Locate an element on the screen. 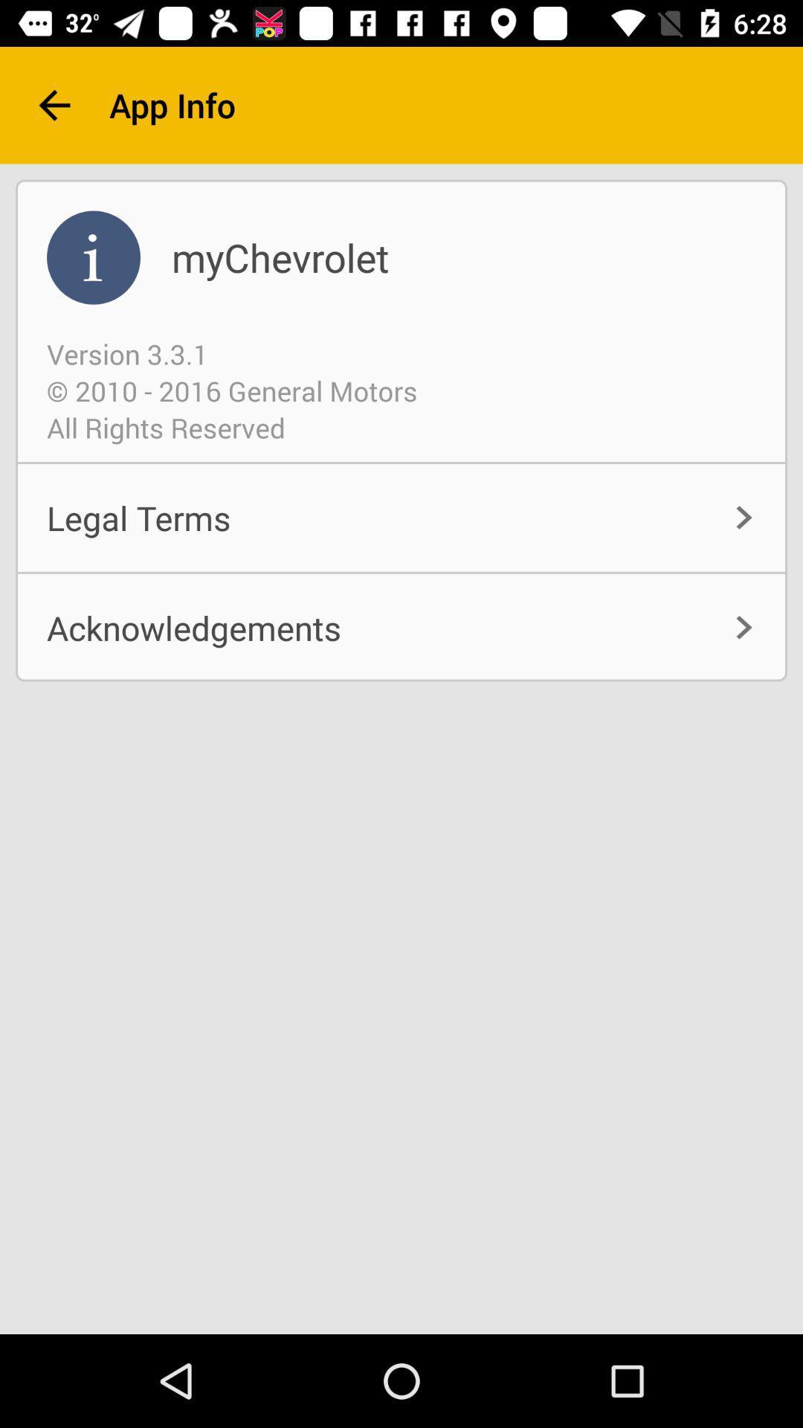  the acknowledgements item is located at coordinates (401, 628).